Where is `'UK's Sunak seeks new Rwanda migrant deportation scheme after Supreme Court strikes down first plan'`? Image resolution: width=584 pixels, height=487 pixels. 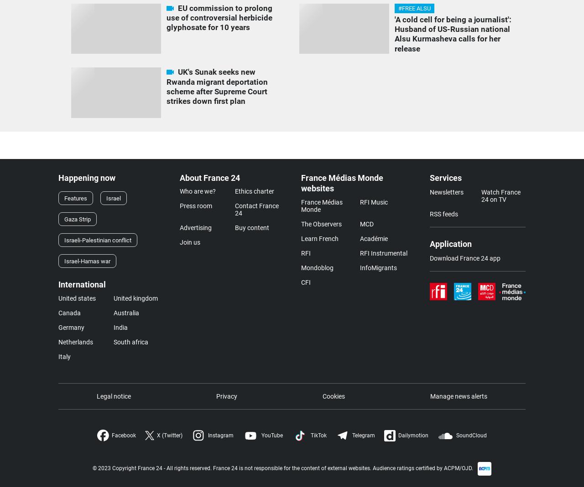 'UK's Sunak seeks new Rwanda migrant deportation scheme after Supreme Court strikes down first plan' is located at coordinates (216, 86).